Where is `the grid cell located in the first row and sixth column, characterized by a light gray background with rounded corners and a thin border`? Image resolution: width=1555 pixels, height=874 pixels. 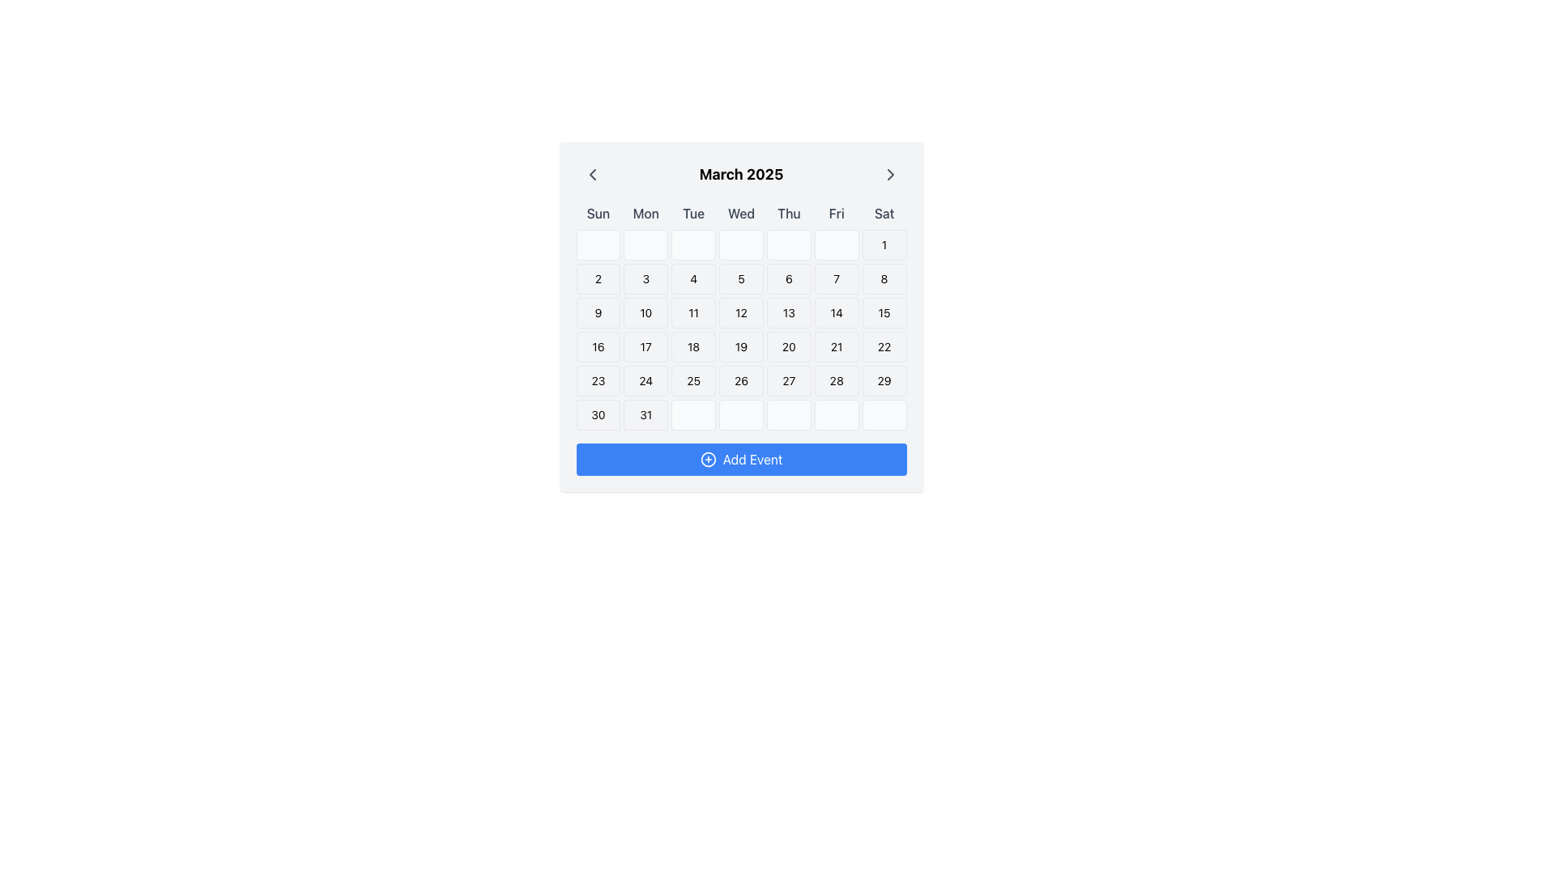
the grid cell located in the first row and sixth column, characterized by a light gray background with rounded corners and a thin border is located at coordinates (837, 245).